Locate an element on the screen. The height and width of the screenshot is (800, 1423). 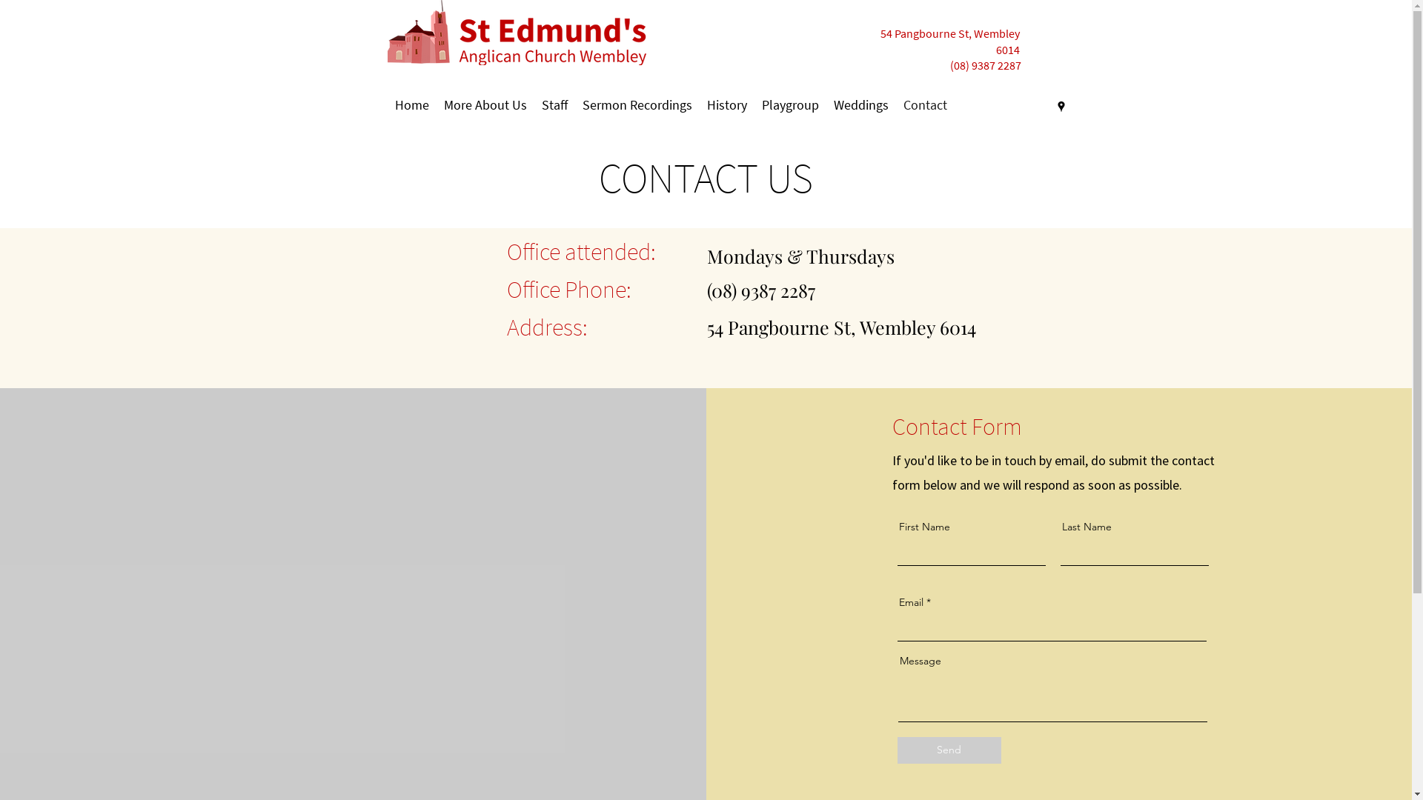
'Send' is located at coordinates (949, 750).